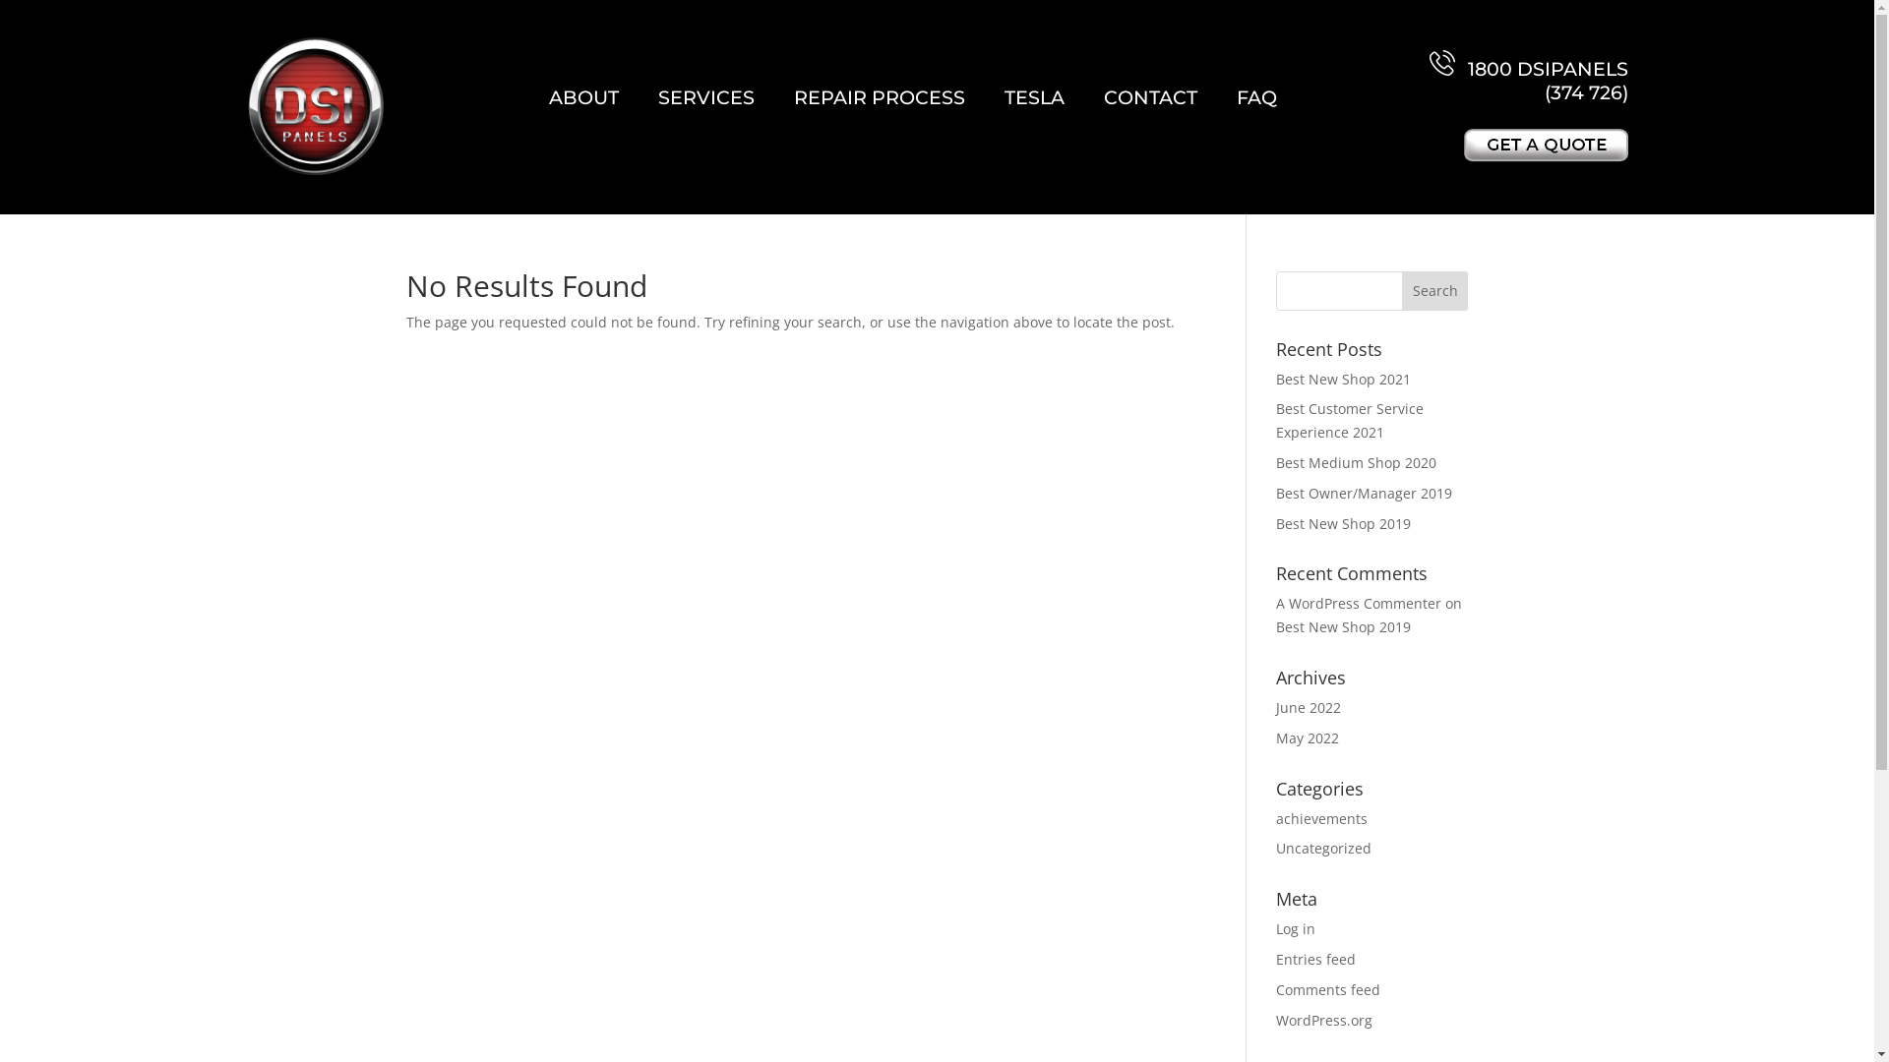 Image resolution: width=1889 pixels, height=1062 pixels. What do you see at coordinates (1321, 818) in the screenshot?
I see `'achievements'` at bounding box center [1321, 818].